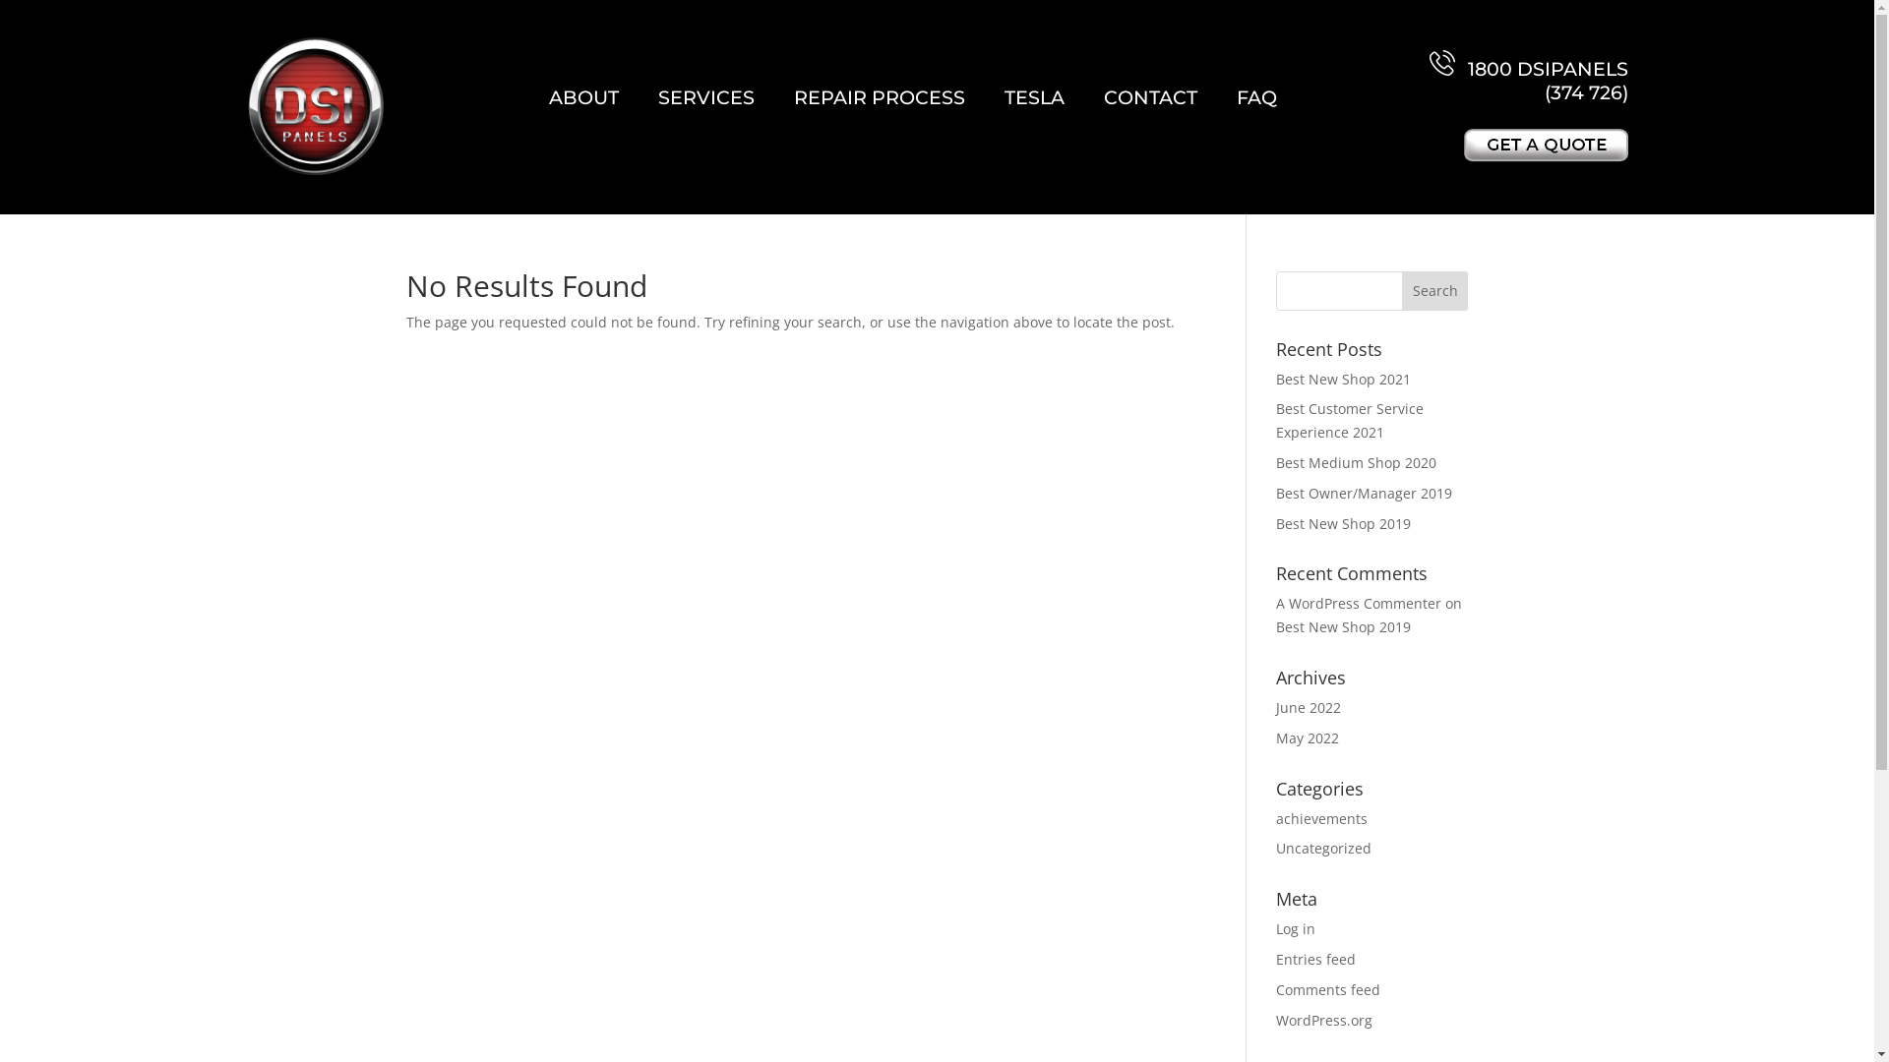 Image resolution: width=1889 pixels, height=1062 pixels. What do you see at coordinates (1321, 818) in the screenshot?
I see `'achievements'` at bounding box center [1321, 818].